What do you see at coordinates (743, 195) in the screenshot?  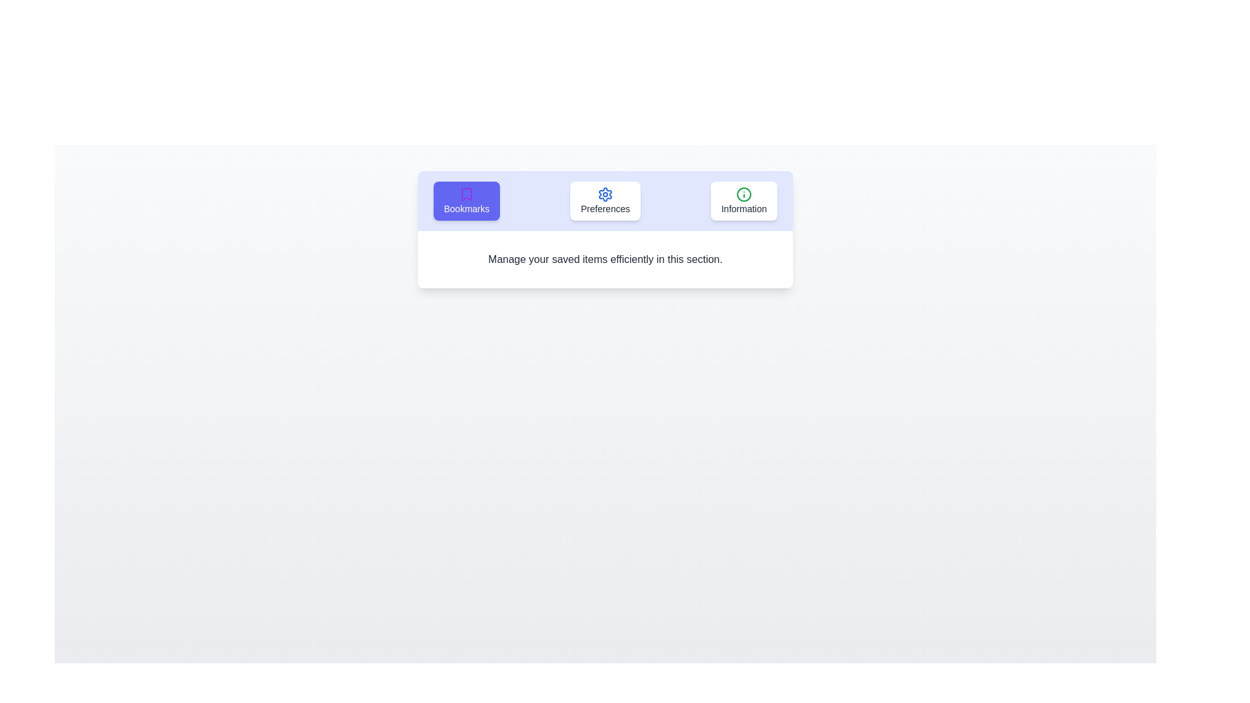 I see `the icon of the Information tab` at bounding box center [743, 195].